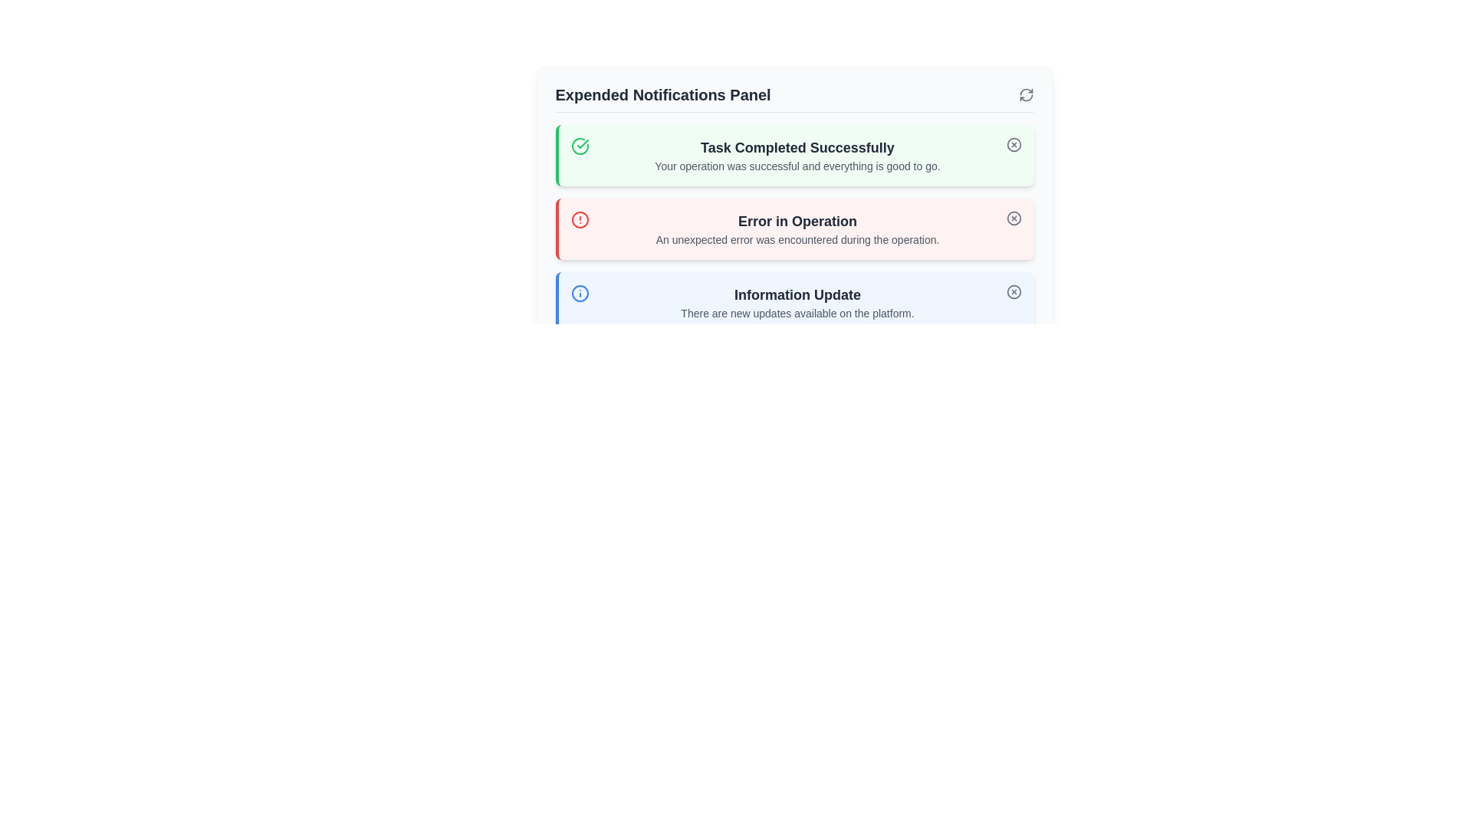 This screenshot has height=828, width=1472. I want to click on the Notification Card displaying a success message, which is the first entry in the Notifications Panel, so click(794, 156).